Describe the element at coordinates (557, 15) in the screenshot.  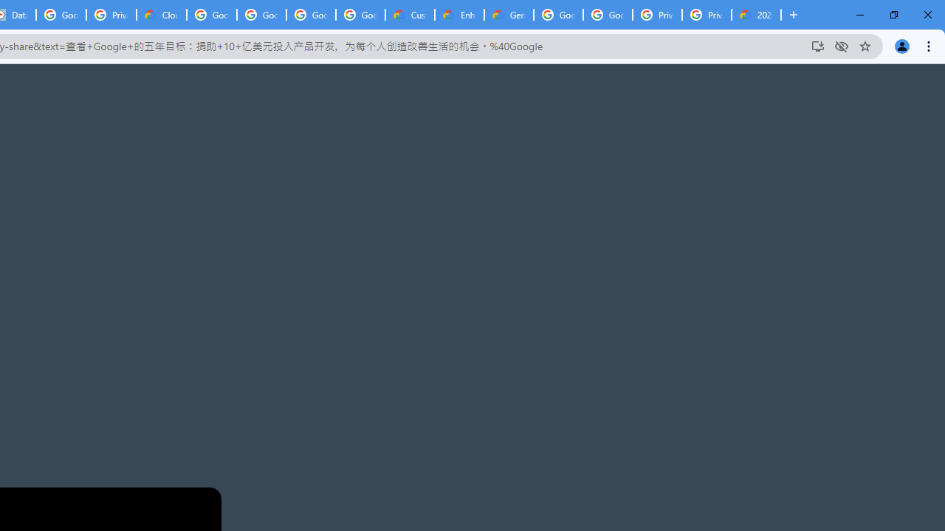
I see `'Google Cloud Platform'` at that location.